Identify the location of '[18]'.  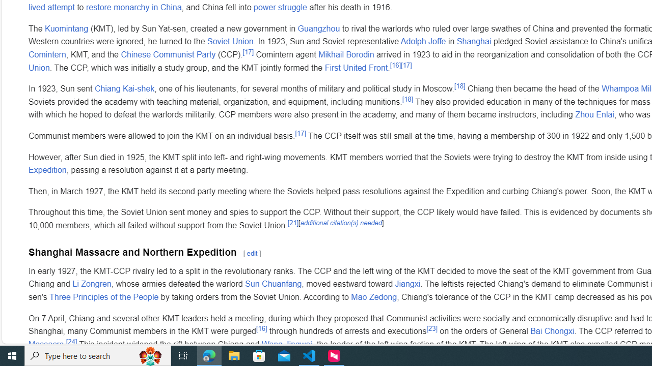
(407, 99).